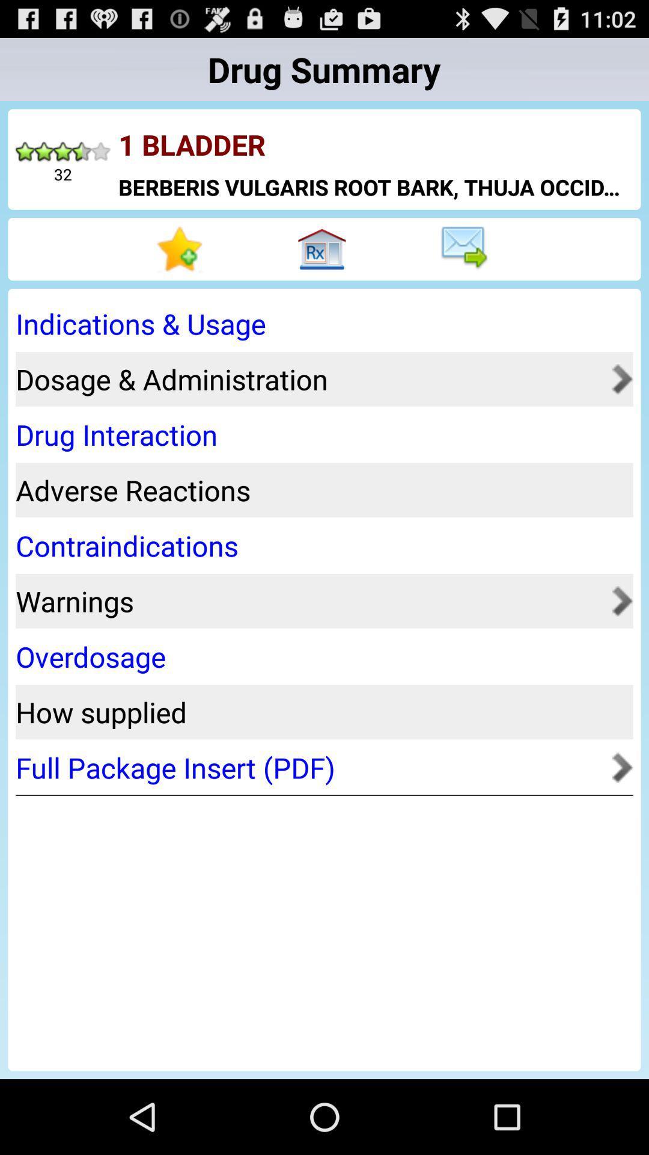 The width and height of the screenshot is (649, 1155). What do you see at coordinates (182, 248) in the screenshot?
I see `make a favorite` at bounding box center [182, 248].